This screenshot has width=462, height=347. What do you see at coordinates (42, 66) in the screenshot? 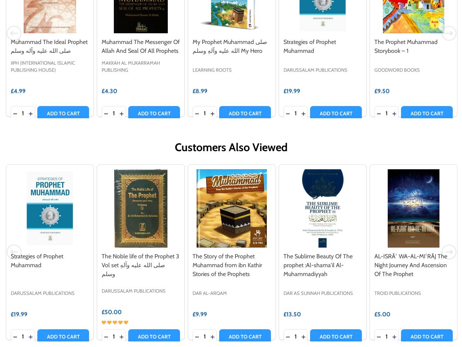
I see `'IIPH (International Islamic Publishing House)'` at bounding box center [42, 66].